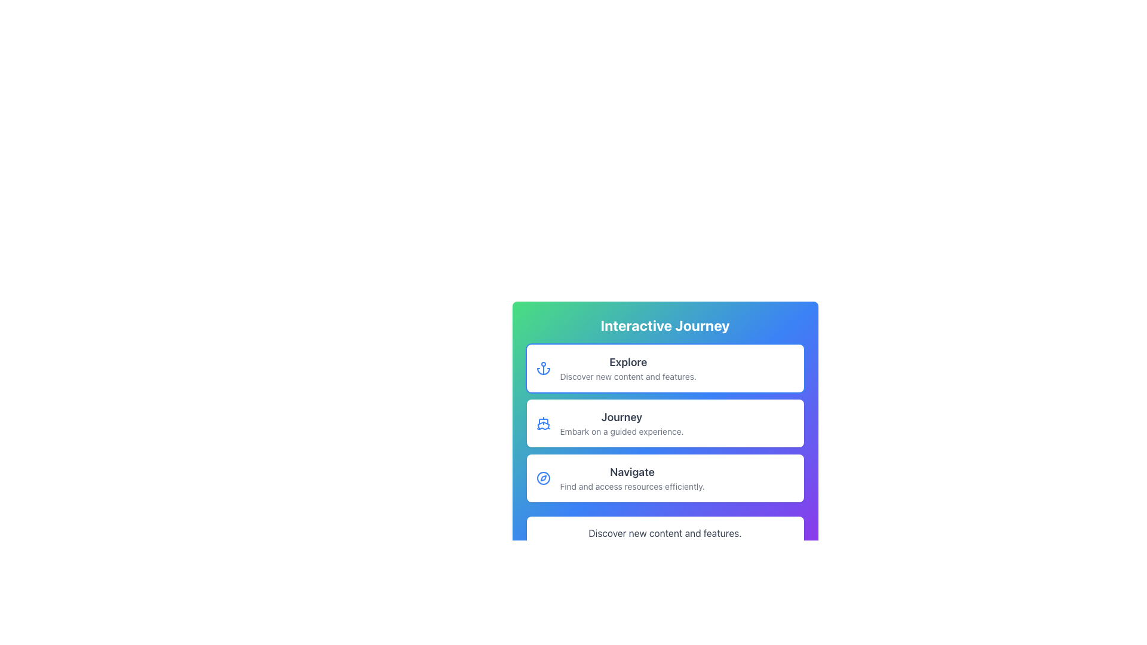 This screenshot has width=1147, height=645. Describe the element at coordinates (631, 478) in the screenshot. I see `text from the Text Block element that features 'Navigate' and 'Find and access resources efficiently.' located under the 'Interactive Journey' section` at that location.